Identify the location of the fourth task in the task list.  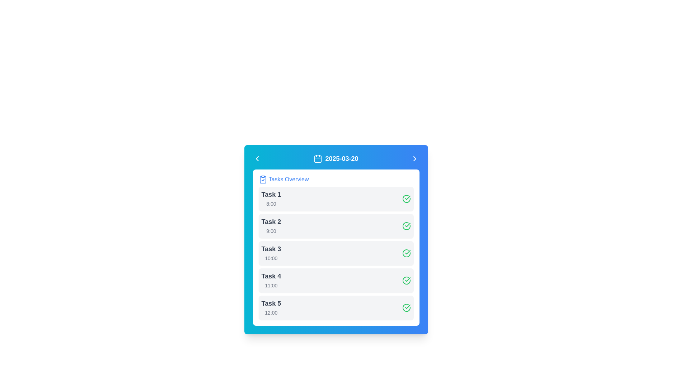
(271, 280).